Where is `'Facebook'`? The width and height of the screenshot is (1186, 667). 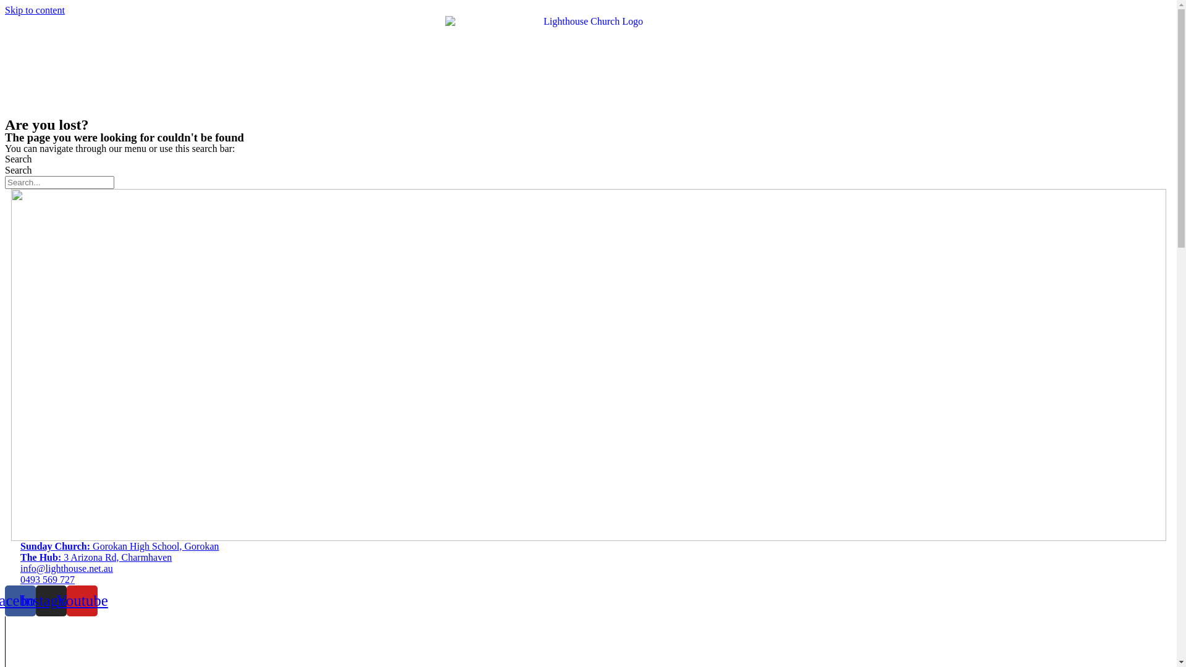 'Facebook' is located at coordinates (20, 600).